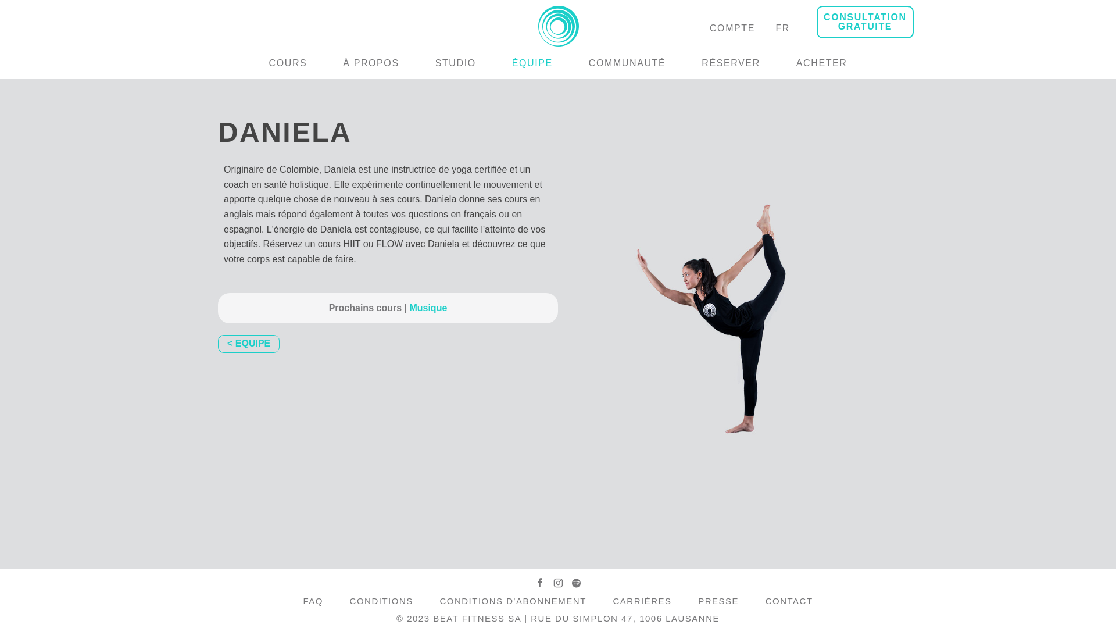  Describe the element at coordinates (571, 583) in the screenshot. I see `'spotify'` at that location.